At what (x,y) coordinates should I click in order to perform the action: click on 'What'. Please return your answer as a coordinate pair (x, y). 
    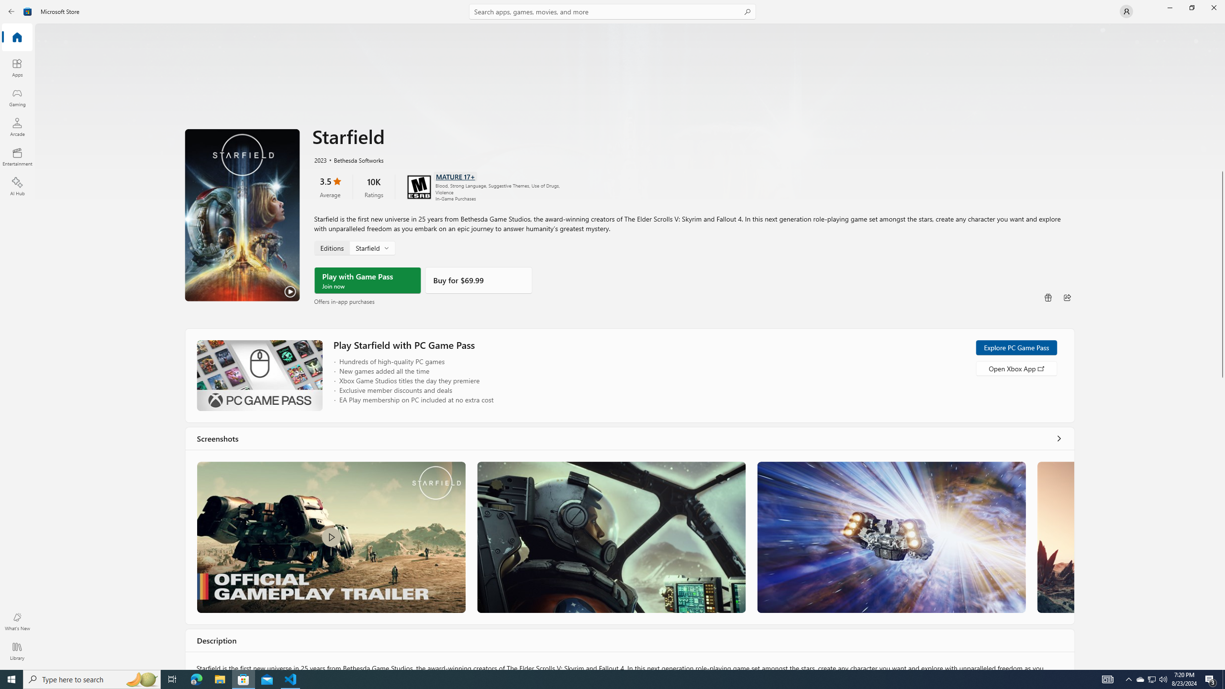
    Looking at the image, I should click on (16, 621).